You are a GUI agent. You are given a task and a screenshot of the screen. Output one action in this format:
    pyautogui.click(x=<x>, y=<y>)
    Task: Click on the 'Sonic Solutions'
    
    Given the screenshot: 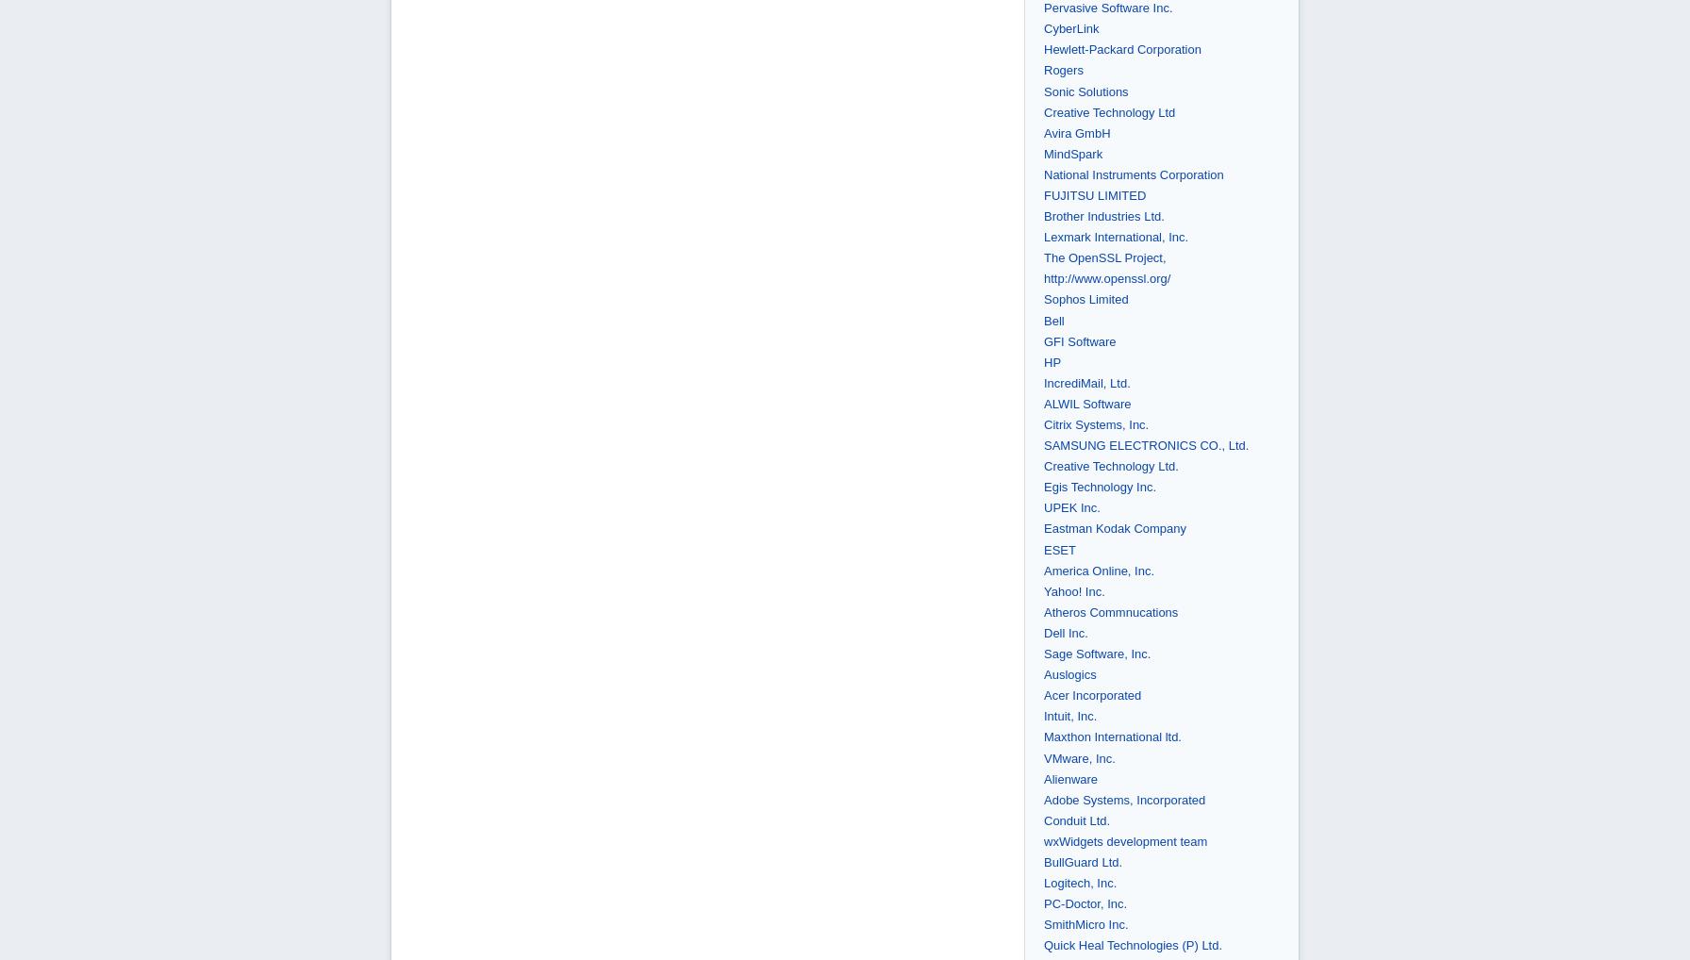 What is the action you would take?
    pyautogui.click(x=1085, y=91)
    